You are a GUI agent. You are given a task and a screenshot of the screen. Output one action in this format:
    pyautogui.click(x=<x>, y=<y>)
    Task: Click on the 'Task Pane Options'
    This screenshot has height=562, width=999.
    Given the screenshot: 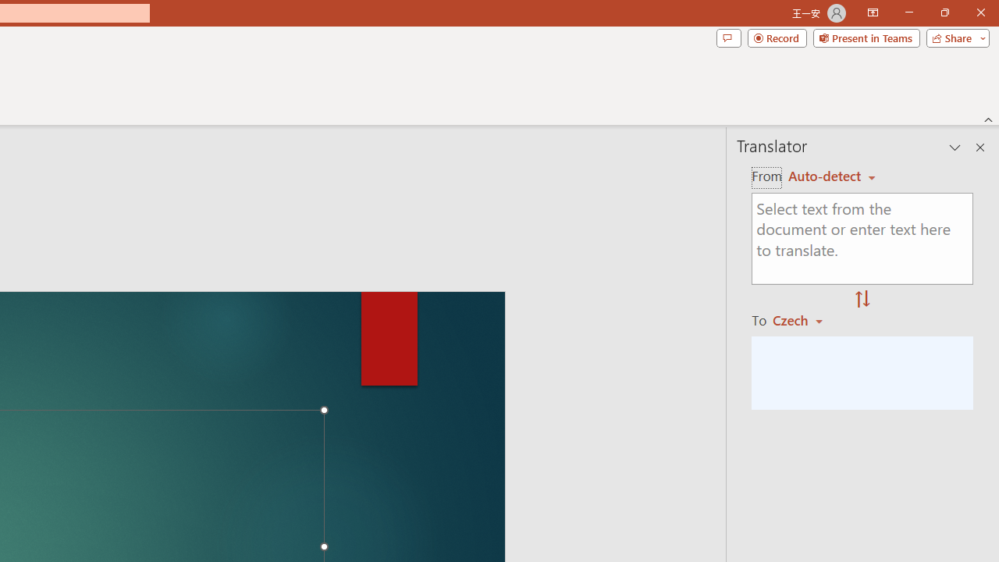 What is the action you would take?
    pyautogui.click(x=955, y=148)
    